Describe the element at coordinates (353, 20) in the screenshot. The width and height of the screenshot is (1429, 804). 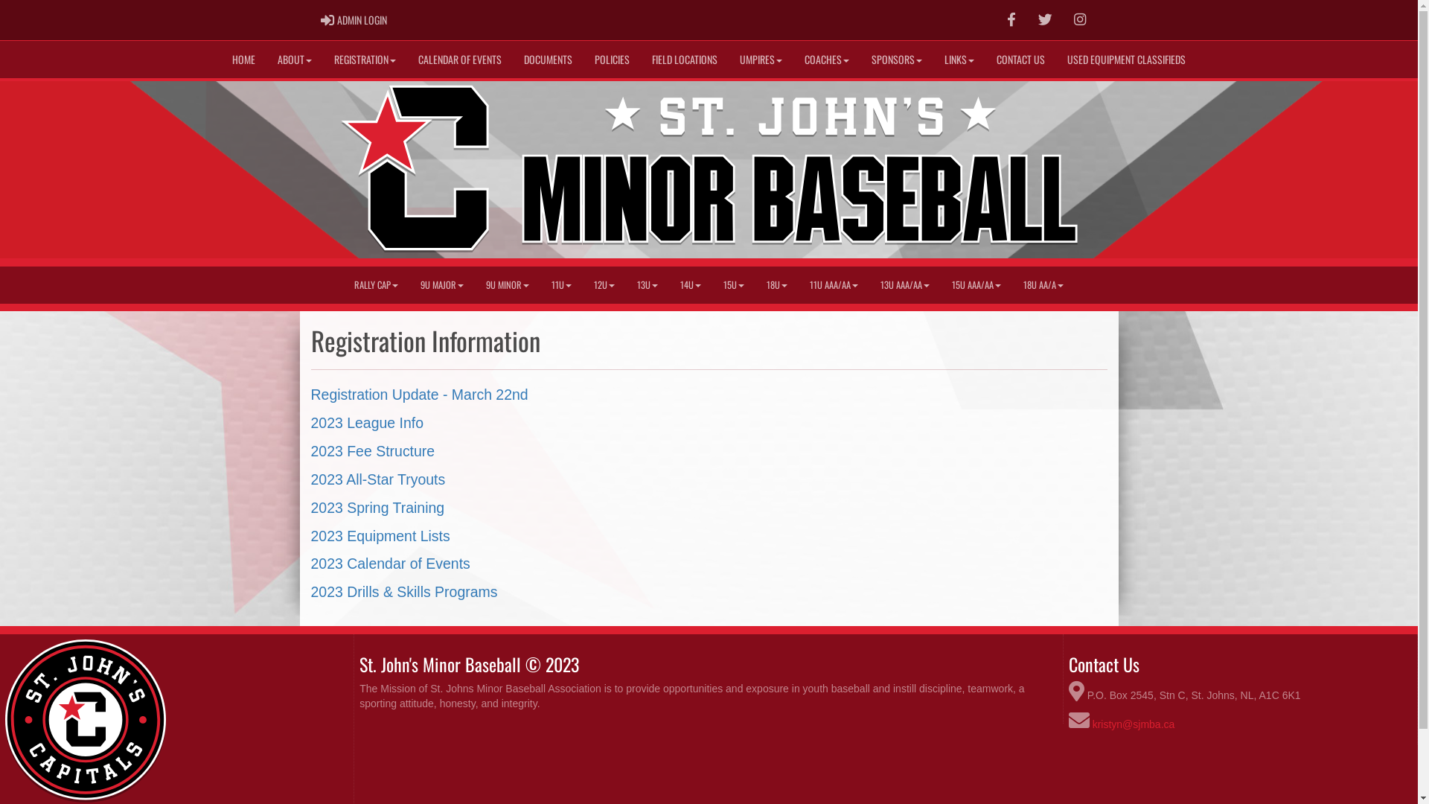
I see `'LOGIN PAGE` at that location.